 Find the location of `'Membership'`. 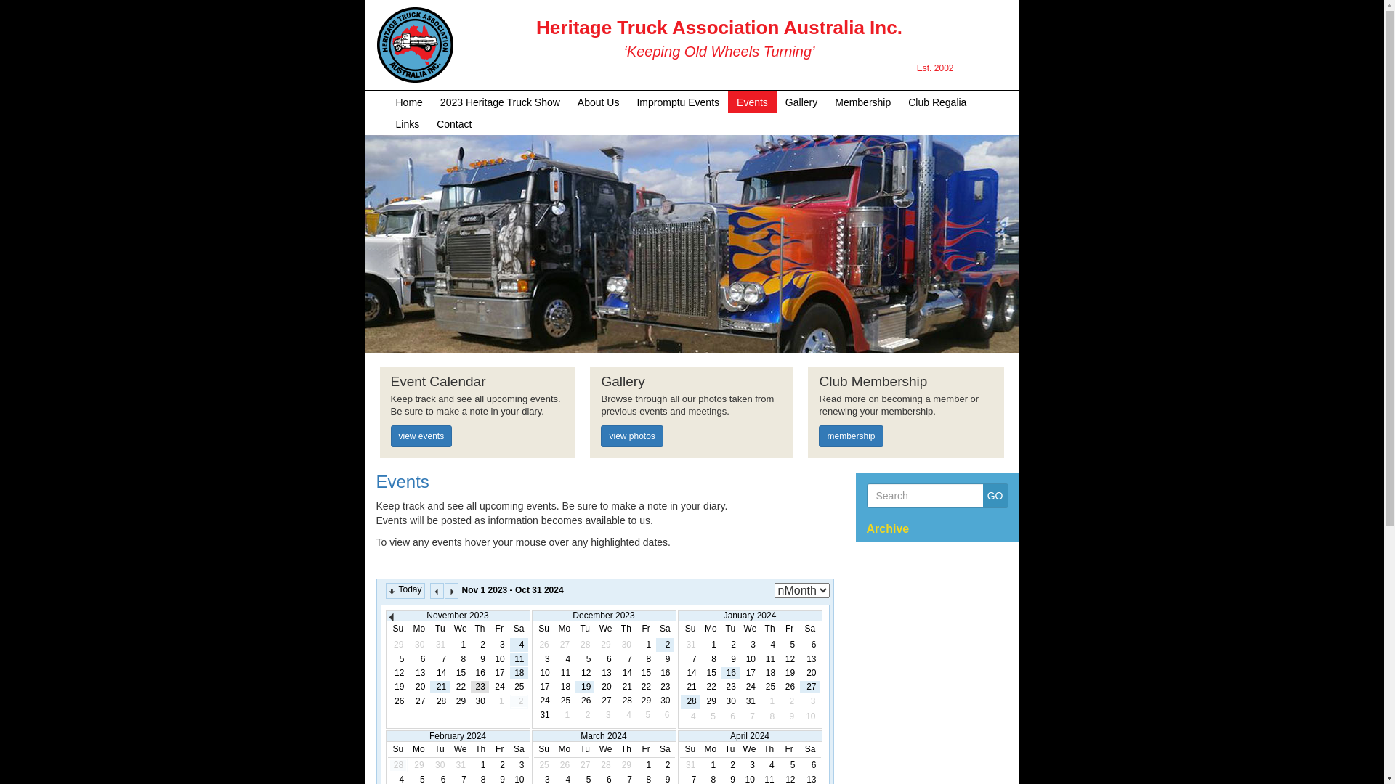

'Membership' is located at coordinates (862, 102).